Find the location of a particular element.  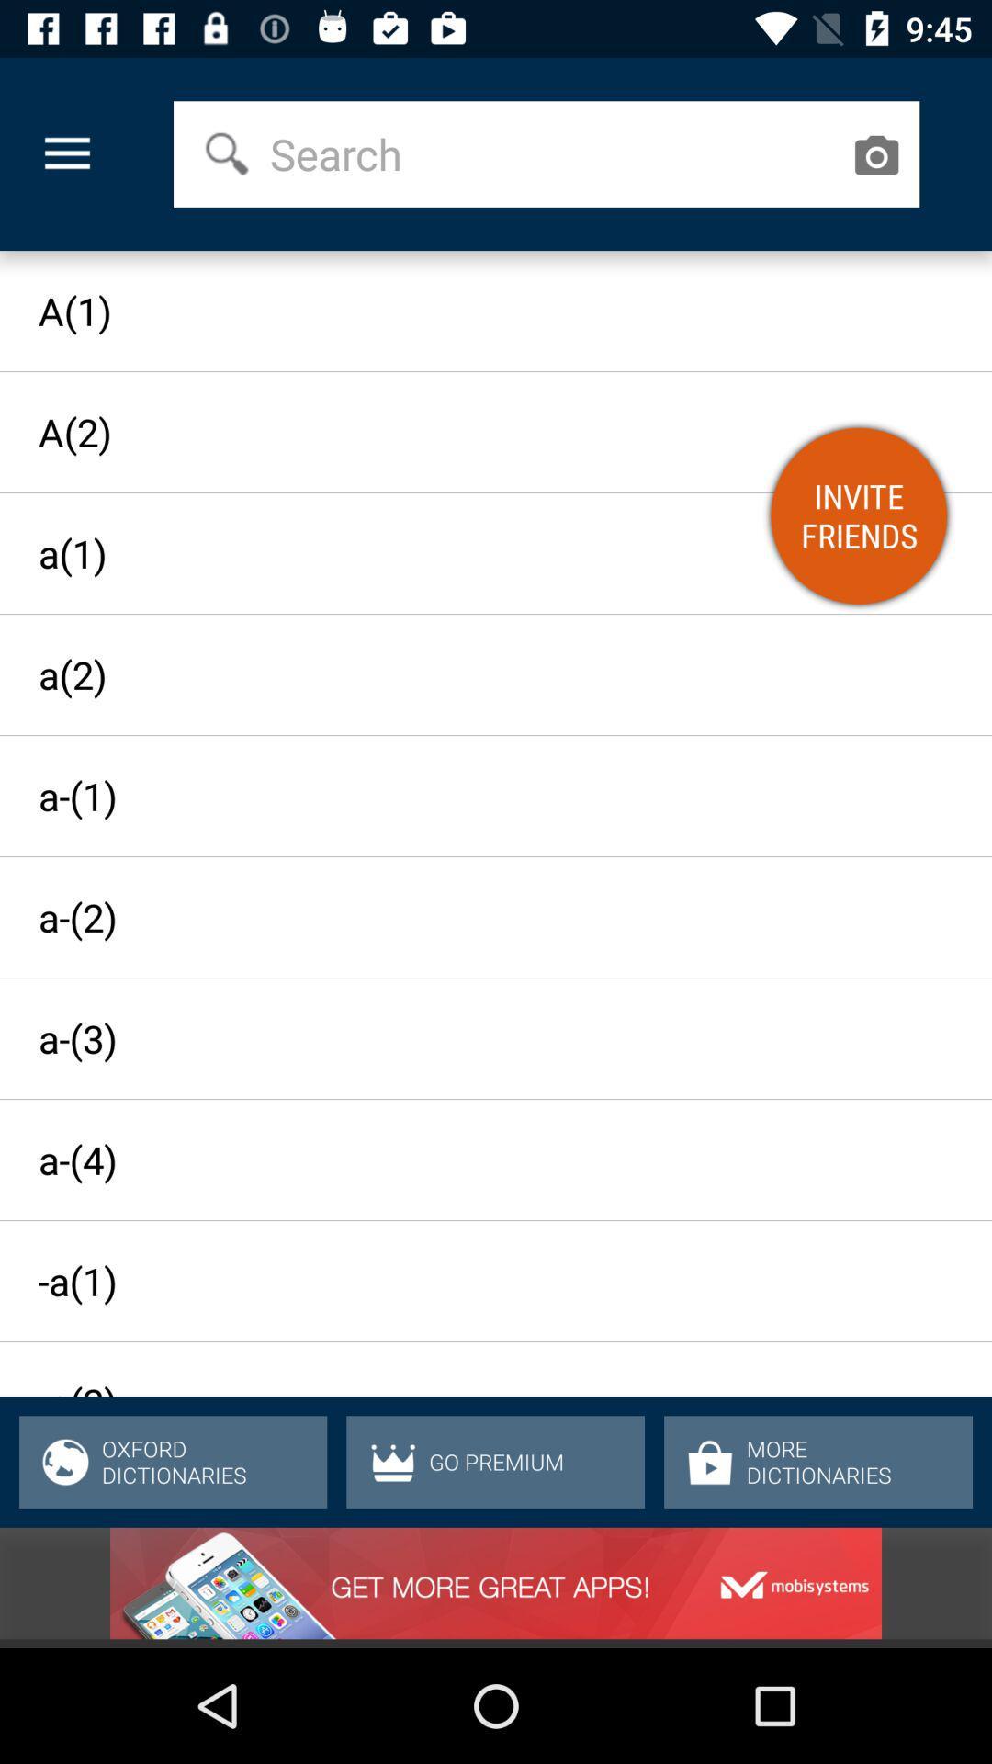

the icon above a(1) icon is located at coordinates (66, 154).